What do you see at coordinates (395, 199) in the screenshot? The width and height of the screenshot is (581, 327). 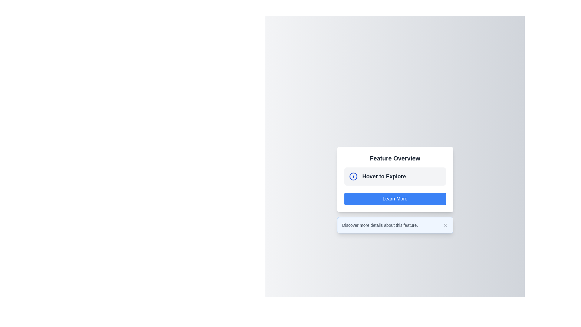 I see `the 'Learn More' button with a blue background and white text` at bounding box center [395, 199].